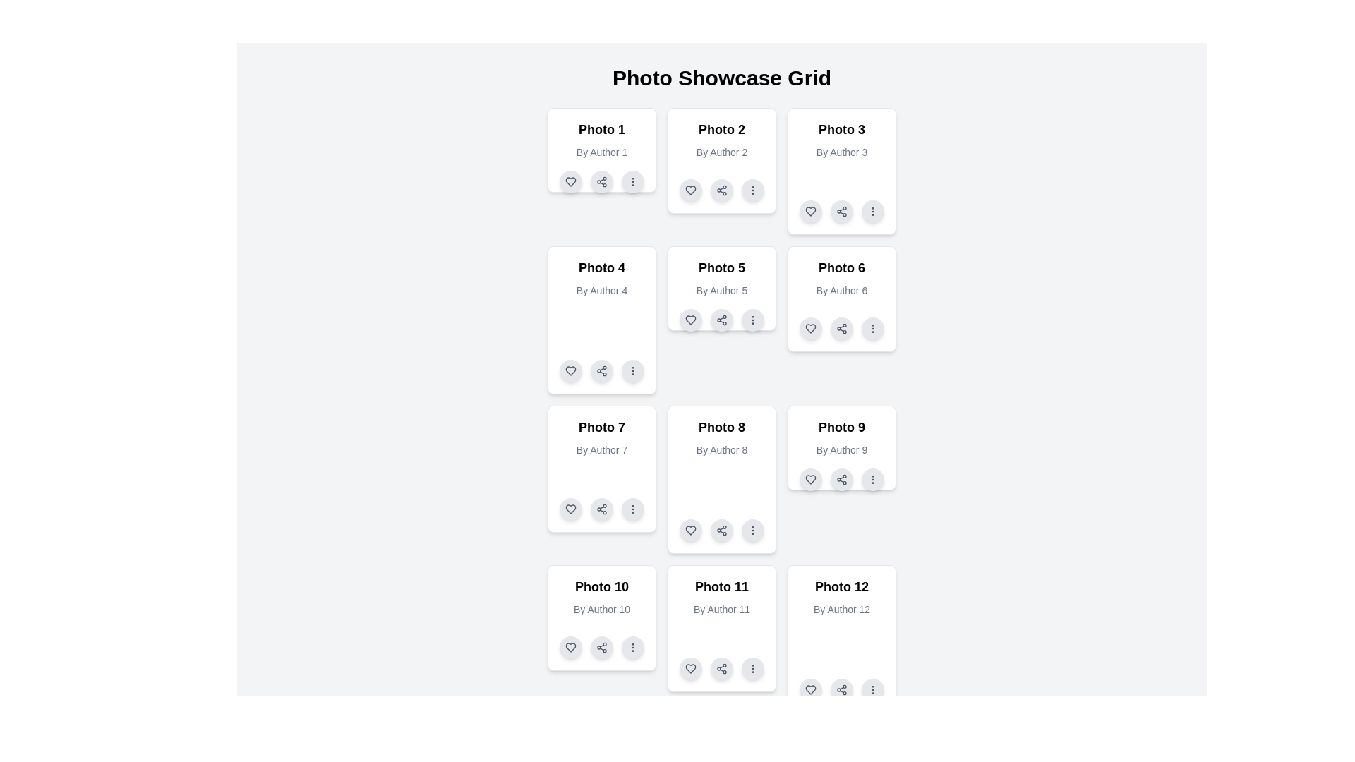 The width and height of the screenshot is (1355, 762). What do you see at coordinates (721, 668) in the screenshot?
I see `the circular button with a light gray background and a network icon at the bottom of the card labeled 'Photo 11' to initiate the share action` at bounding box center [721, 668].